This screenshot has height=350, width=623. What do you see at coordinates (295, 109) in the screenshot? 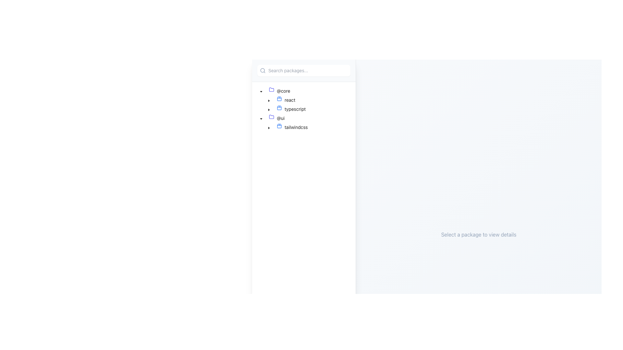
I see `the 'typescript' text label in the hierarchical tree structure` at bounding box center [295, 109].